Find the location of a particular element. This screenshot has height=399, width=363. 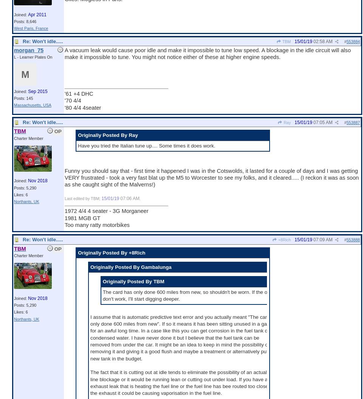

'02:58 AM' is located at coordinates (322, 40).